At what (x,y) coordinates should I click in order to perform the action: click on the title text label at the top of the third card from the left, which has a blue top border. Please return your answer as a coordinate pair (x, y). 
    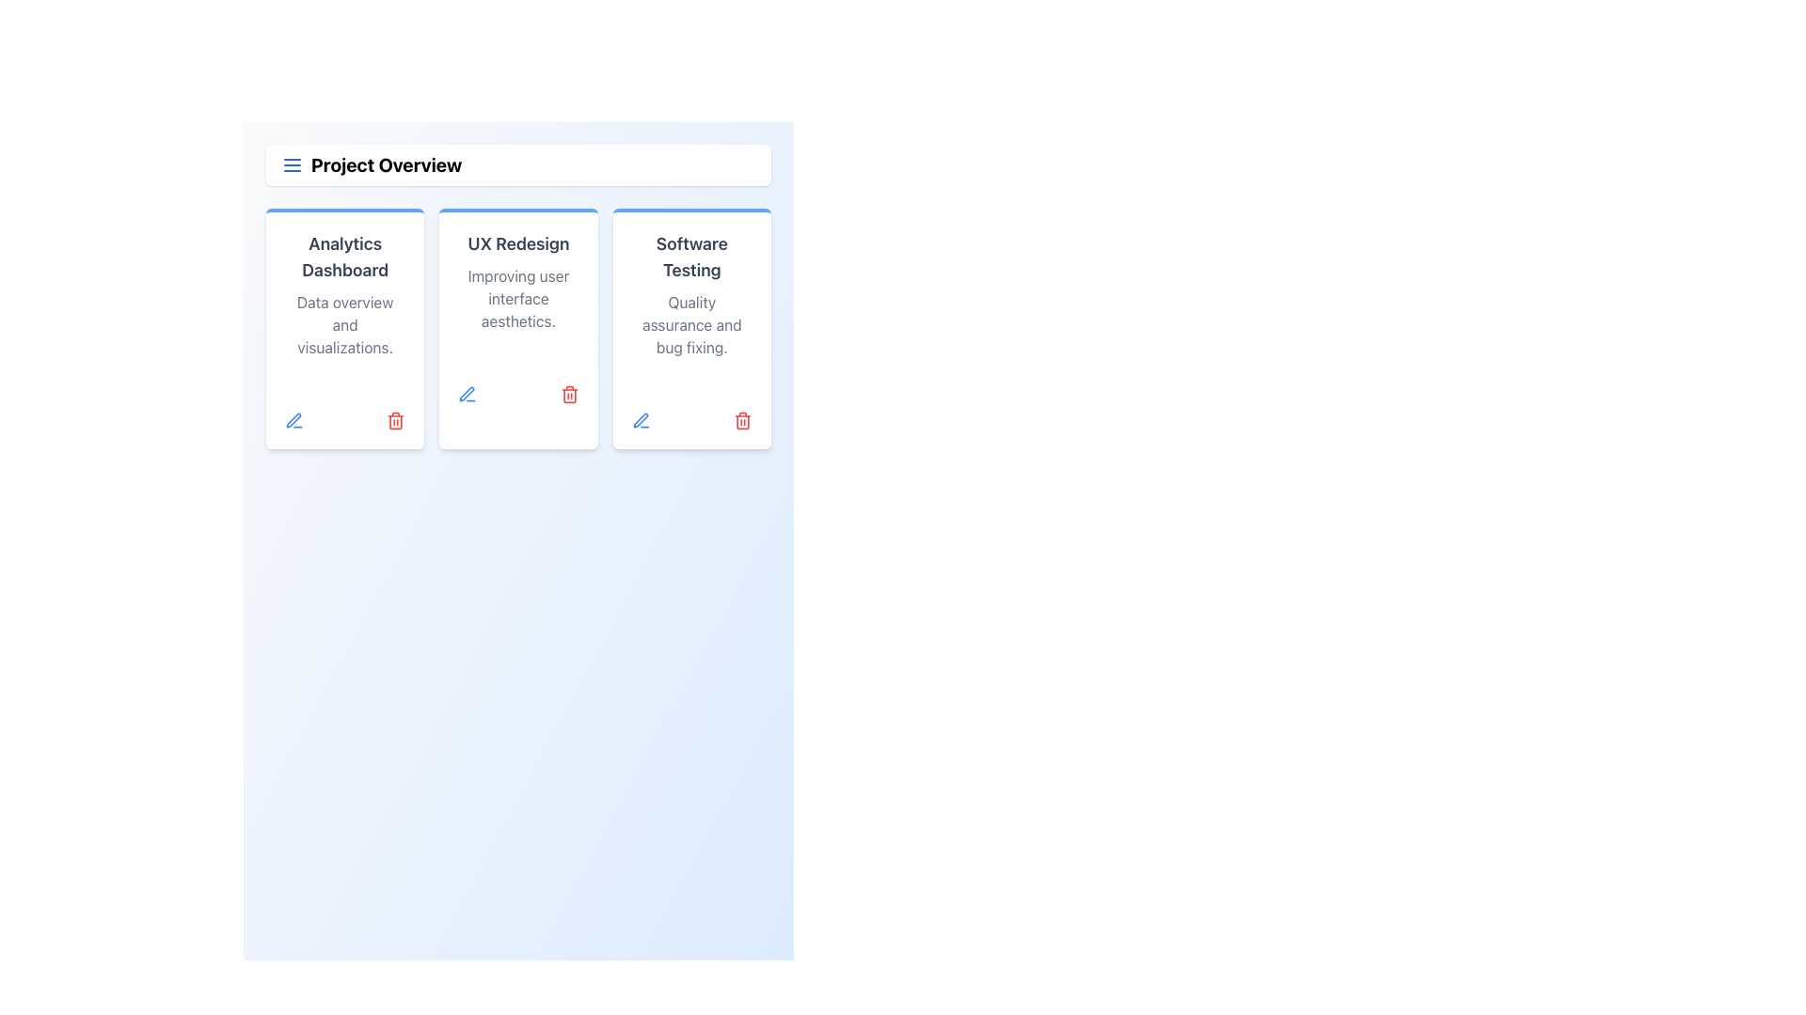
    Looking at the image, I should click on (690, 257).